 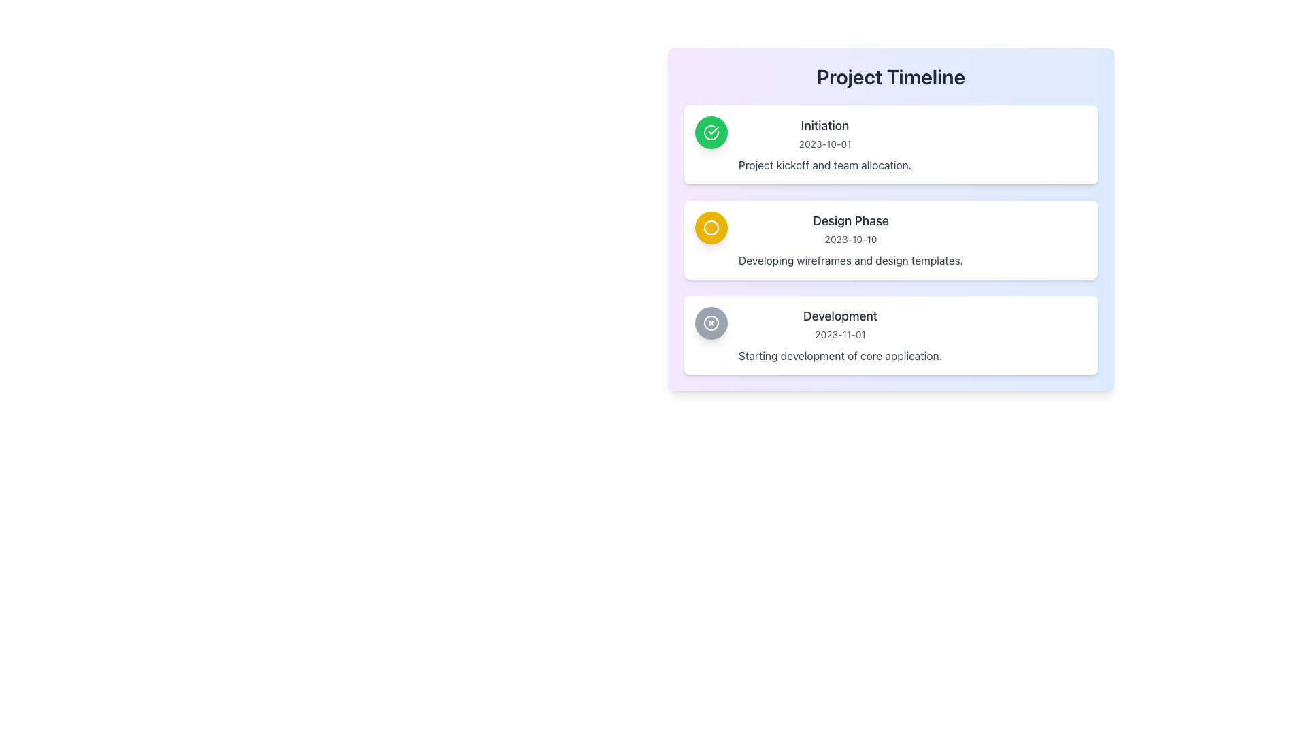 I want to click on the Text Label that serves as the title for the second card in the timeline, summarizing its purpose, so click(x=850, y=220).